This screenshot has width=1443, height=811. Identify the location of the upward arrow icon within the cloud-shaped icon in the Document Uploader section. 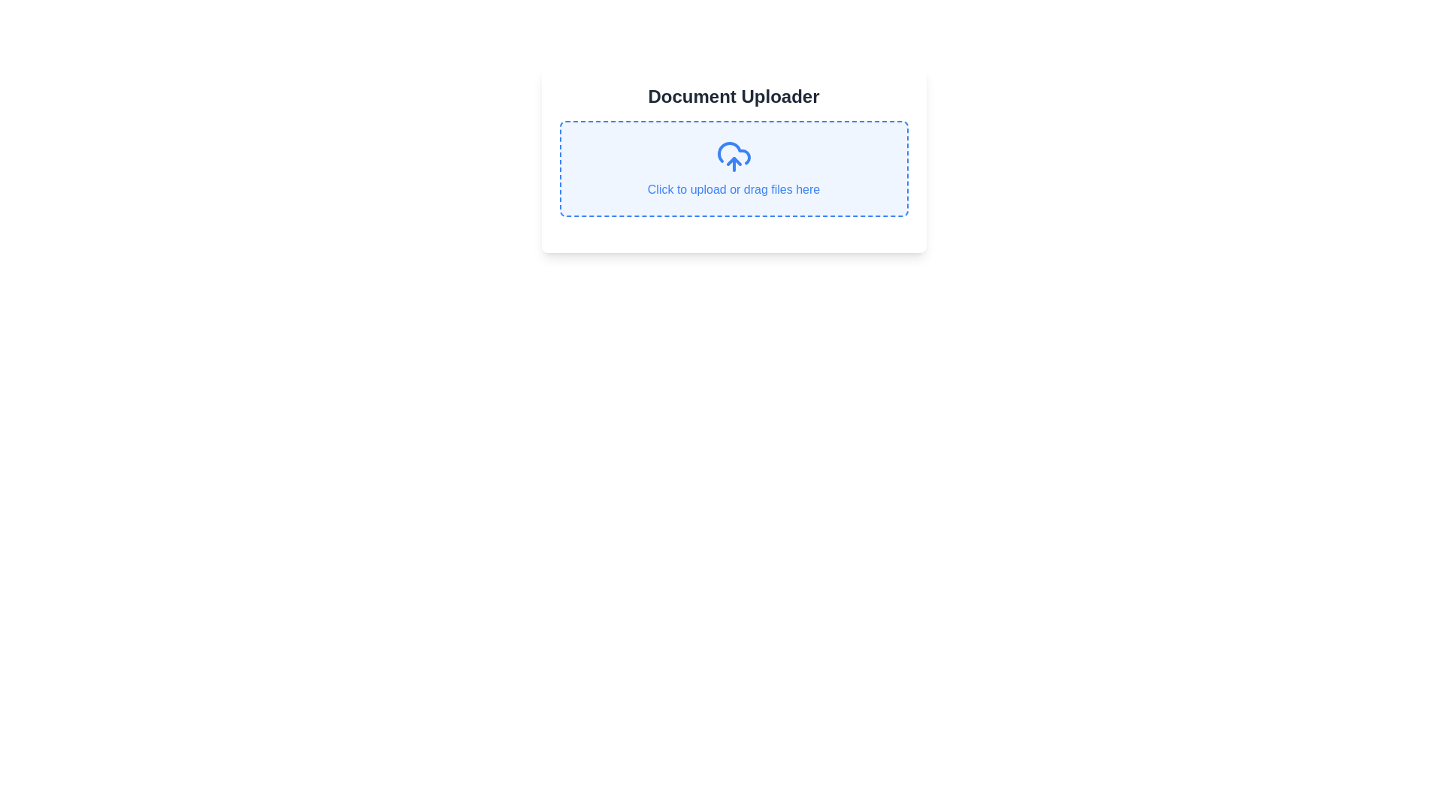
(734, 161).